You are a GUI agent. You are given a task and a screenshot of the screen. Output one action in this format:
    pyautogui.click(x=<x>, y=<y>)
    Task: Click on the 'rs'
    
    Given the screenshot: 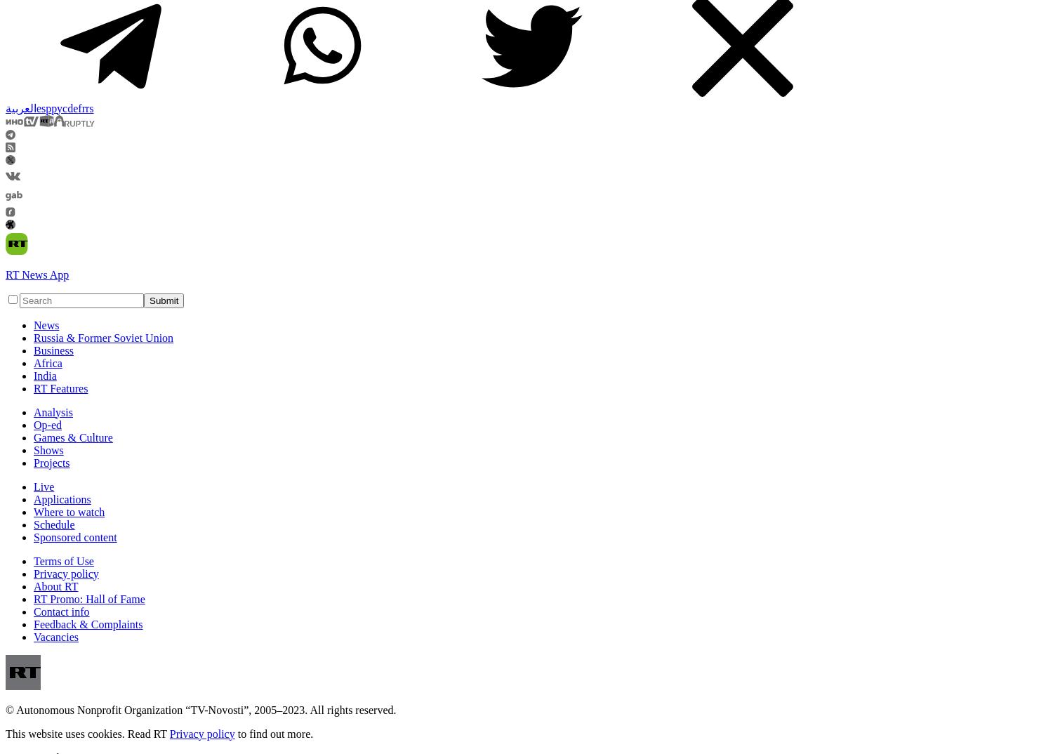 What is the action you would take?
    pyautogui.click(x=89, y=107)
    